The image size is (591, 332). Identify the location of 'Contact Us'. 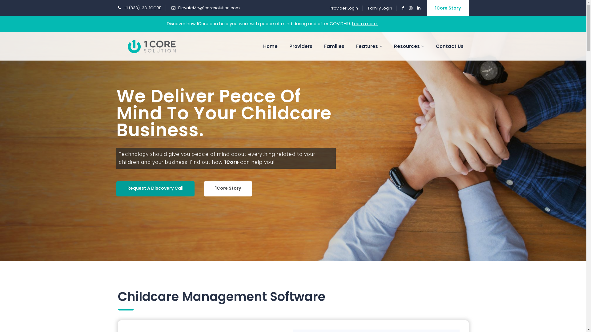
(430, 46).